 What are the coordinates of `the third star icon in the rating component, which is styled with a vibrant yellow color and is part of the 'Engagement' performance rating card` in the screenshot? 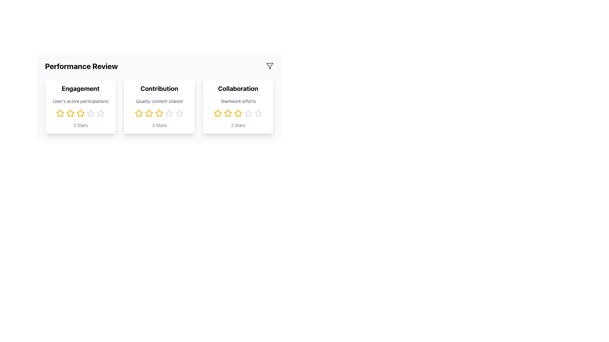 It's located at (70, 113).